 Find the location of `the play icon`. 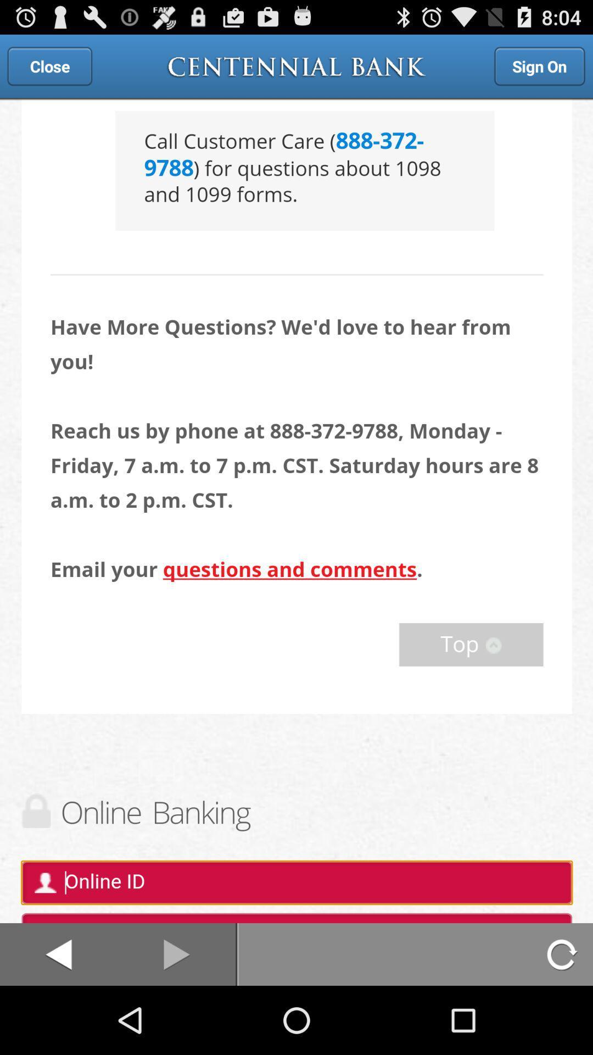

the play icon is located at coordinates (177, 1021).